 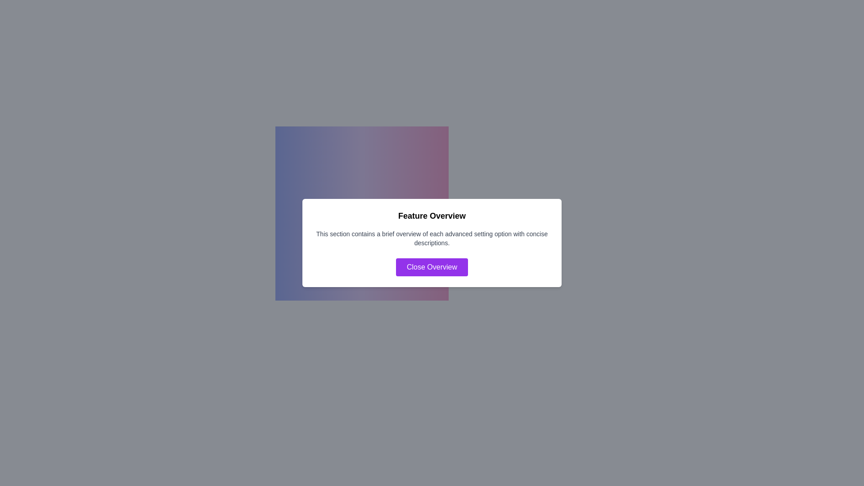 I want to click on the Text Block that provides additional context or explanation of the advanced settings, located below the 'Feature Overview' heading and above the 'Close Overview' button, so click(x=432, y=238).